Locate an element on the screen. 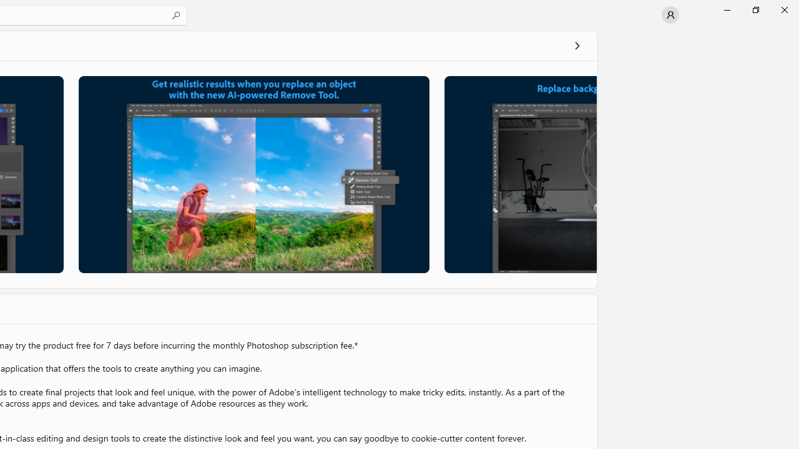 The height and width of the screenshot is (449, 799). 'Minimize Microsoft Store' is located at coordinates (727, 9).